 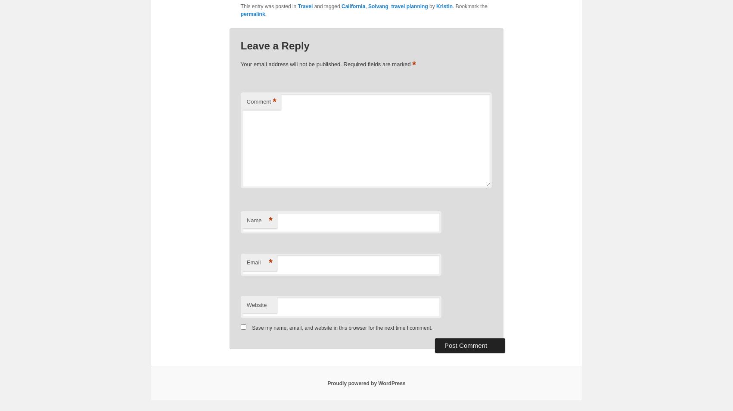 I want to click on '. Bookmark the', so click(x=452, y=6).